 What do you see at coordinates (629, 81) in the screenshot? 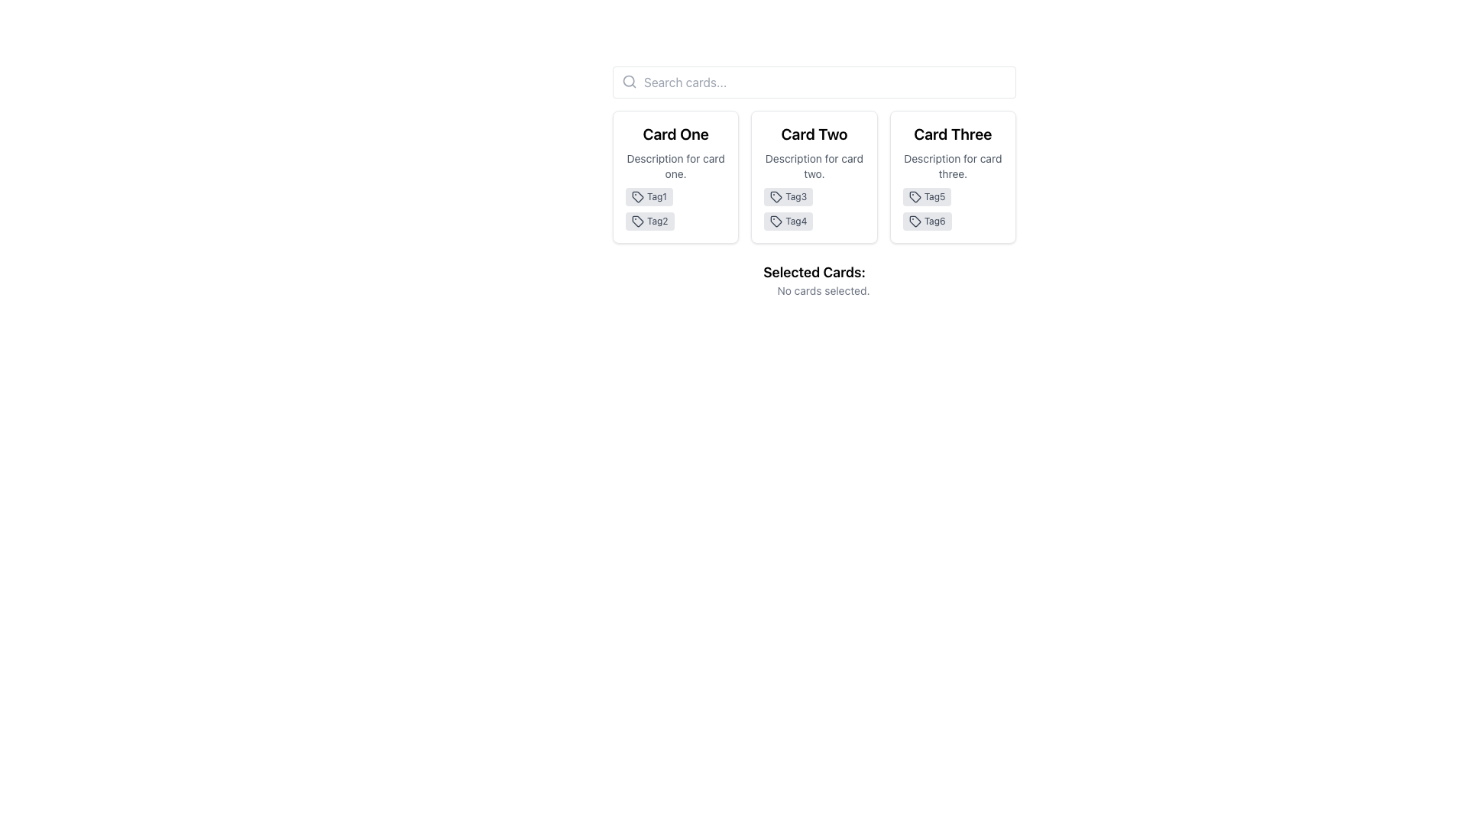
I see `the circle SVG element representing the search icon in the upper-left corner of the search bar` at bounding box center [629, 81].